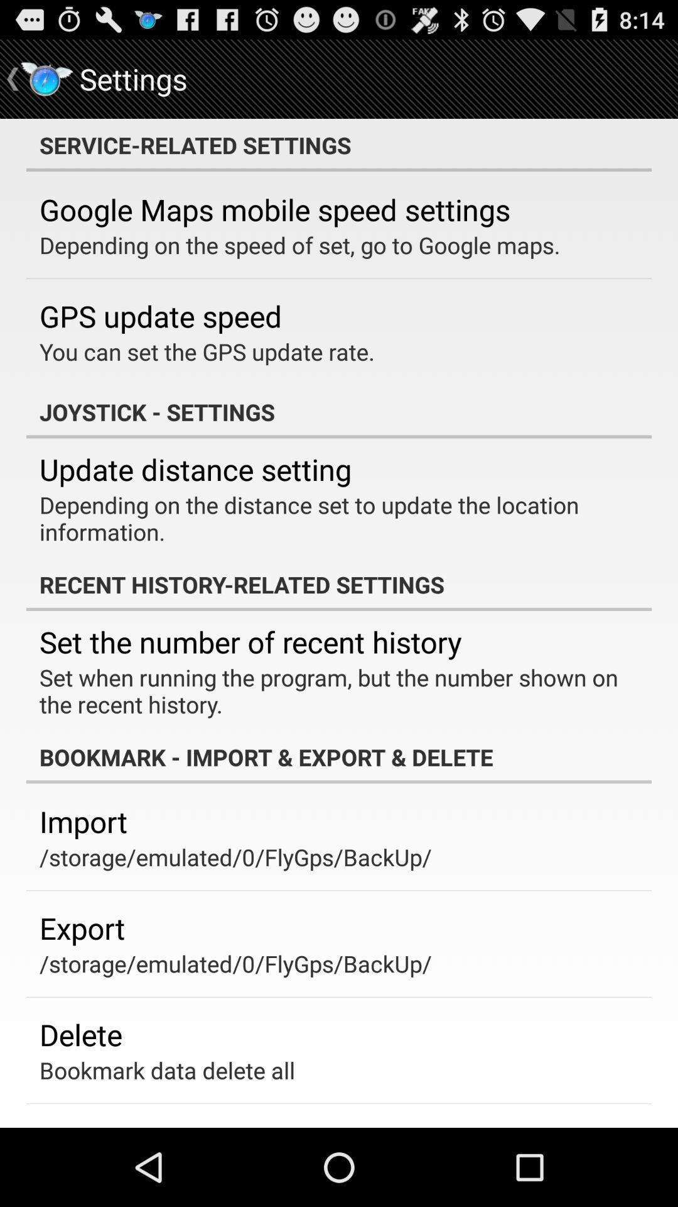 The image size is (678, 1207). Describe the element at coordinates (207, 351) in the screenshot. I see `app below gps update speed icon` at that location.